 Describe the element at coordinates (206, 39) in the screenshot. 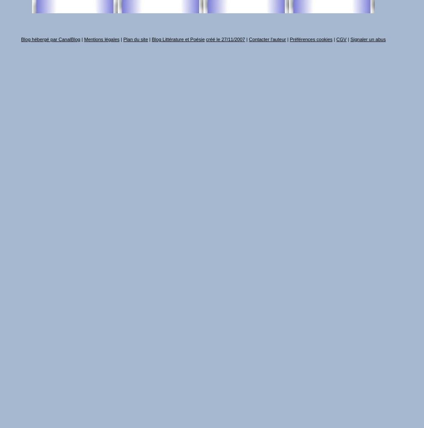

I see `'créé le 27/11/2007'` at that location.